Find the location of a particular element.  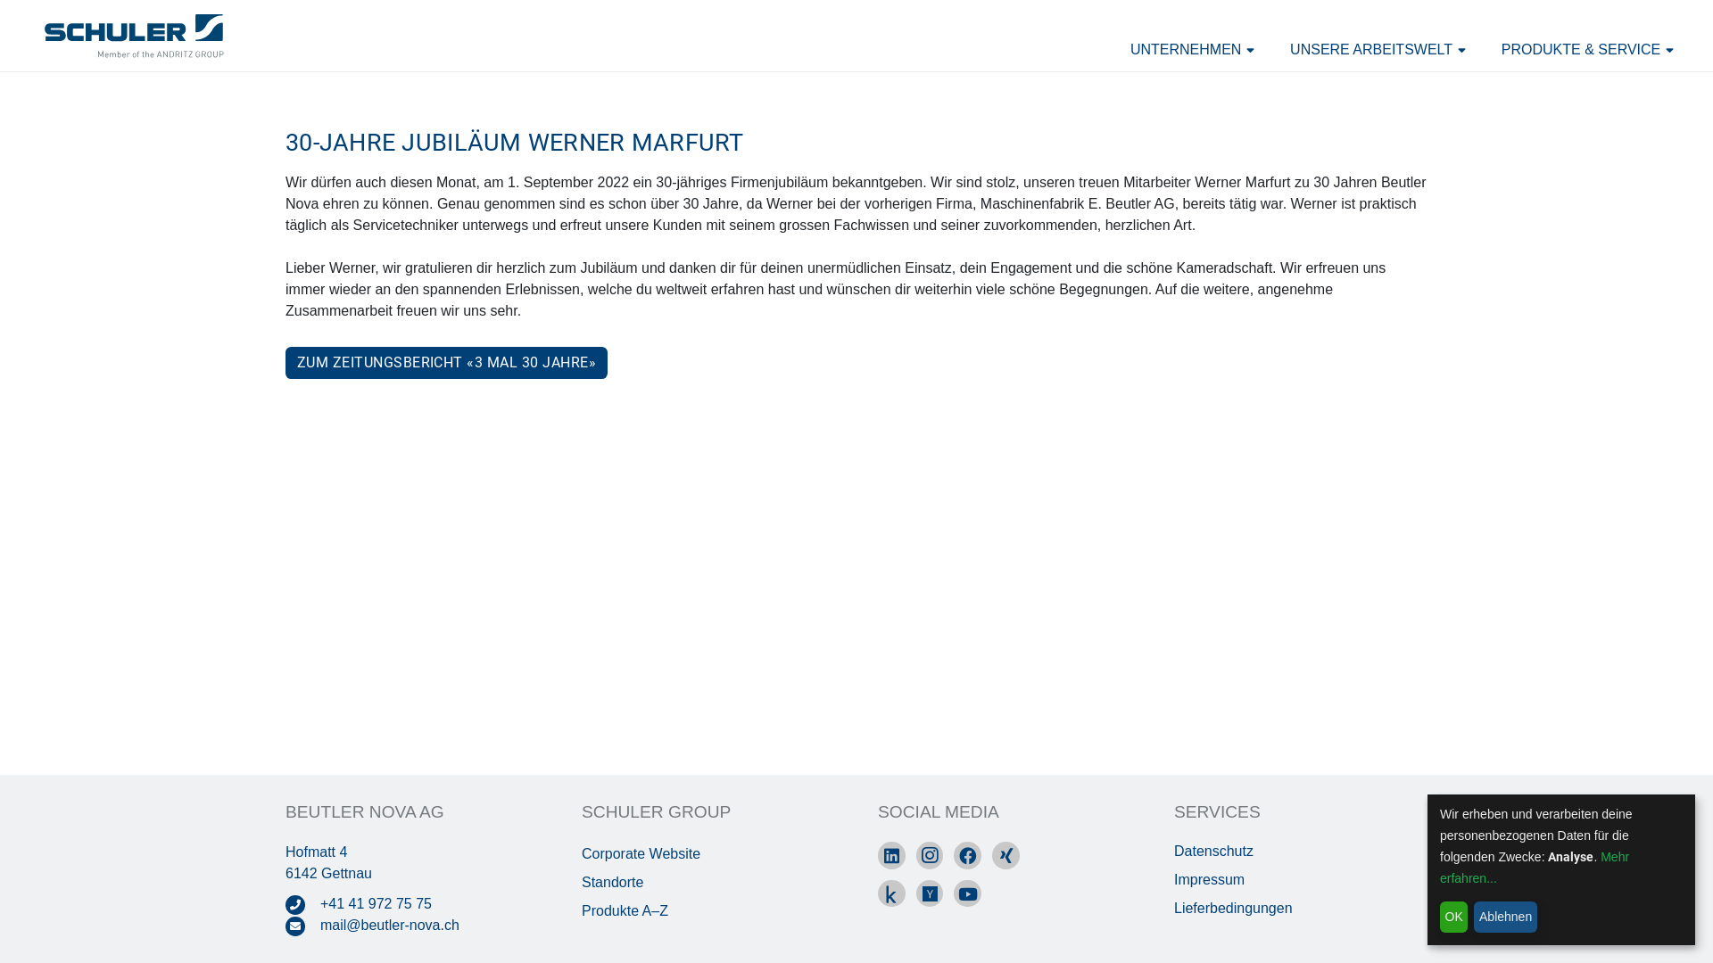

'UNSERE ARBEITSWELT' is located at coordinates (1270, 49).